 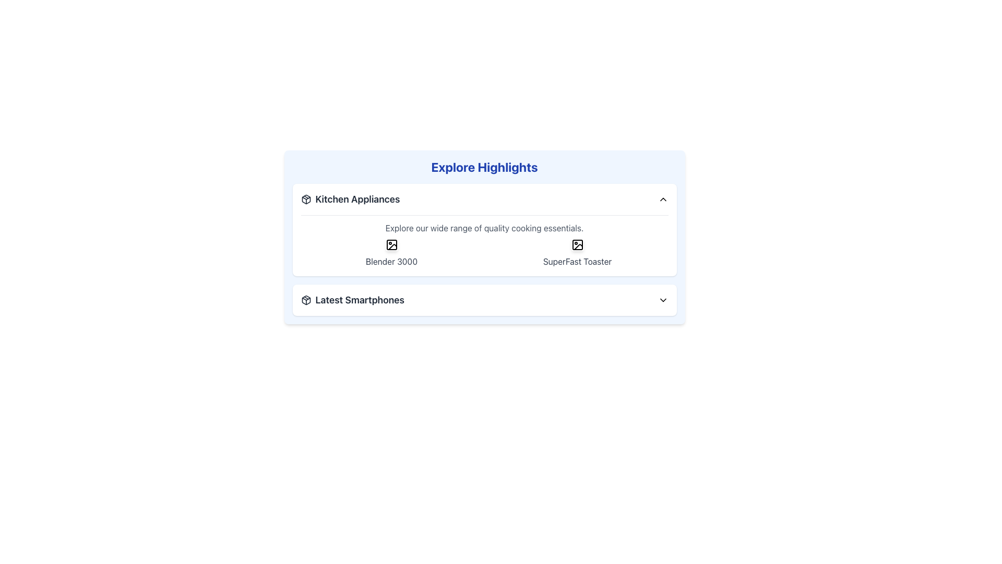 I want to click on the chevron icon button on the right side of the 'Kitchen Appliances' section, so click(x=662, y=199).